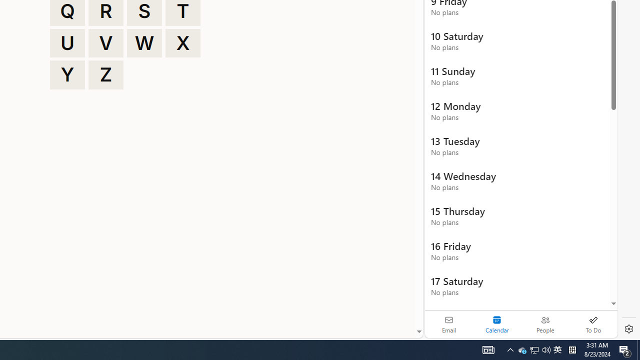  I want to click on 'V', so click(106, 42).